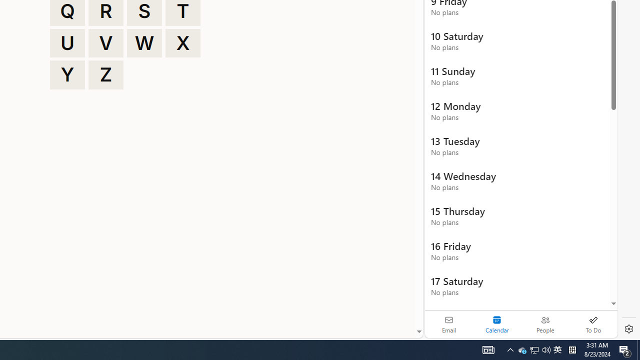  I want to click on 'V', so click(106, 42).